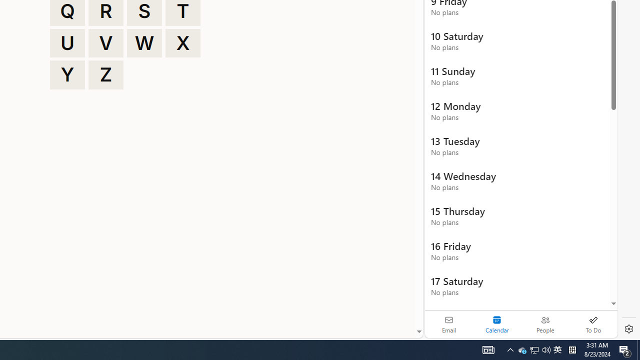  I want to click on 'V', so click(106, 42).